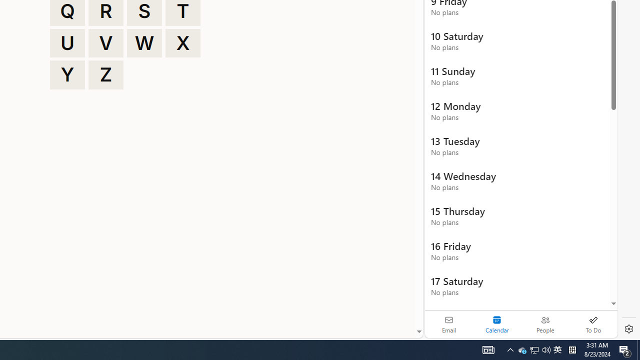  I want to click on 'V', so click(106, 42).